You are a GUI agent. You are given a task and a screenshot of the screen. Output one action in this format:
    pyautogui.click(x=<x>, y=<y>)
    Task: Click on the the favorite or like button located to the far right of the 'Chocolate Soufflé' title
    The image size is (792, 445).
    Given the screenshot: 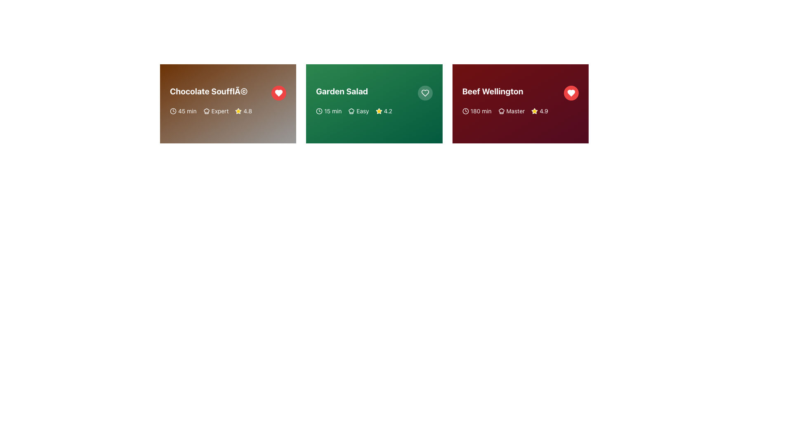 What is the action you would take?
    pyautogui.click(x=279, y=93)
    